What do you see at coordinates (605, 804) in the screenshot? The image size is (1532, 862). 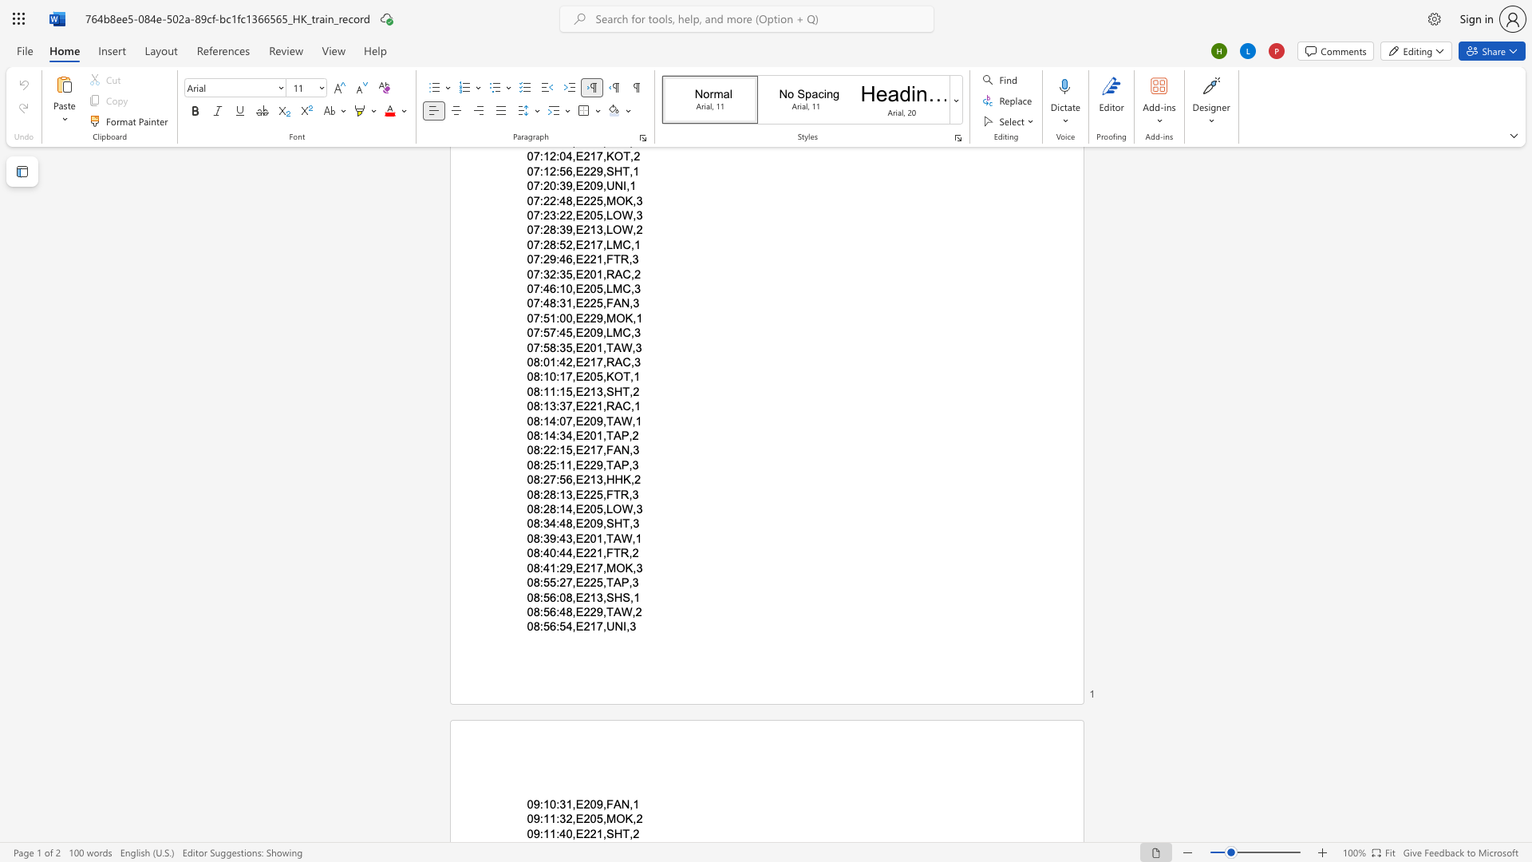 I see `the subset text "FA" within the text "09:10:31,E209,FAN,1"` at bounding box center [605, 804].